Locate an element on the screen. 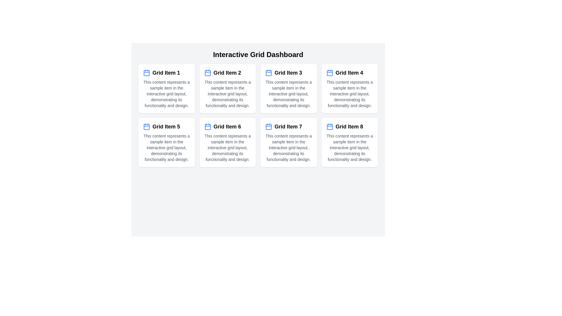 The width and height of the screenshot is (562, 316). the Text label (header) which serves as a title for the associated grid item, located in the bottom row and fourth column of the grid layout is located at coordinates (349, 126).